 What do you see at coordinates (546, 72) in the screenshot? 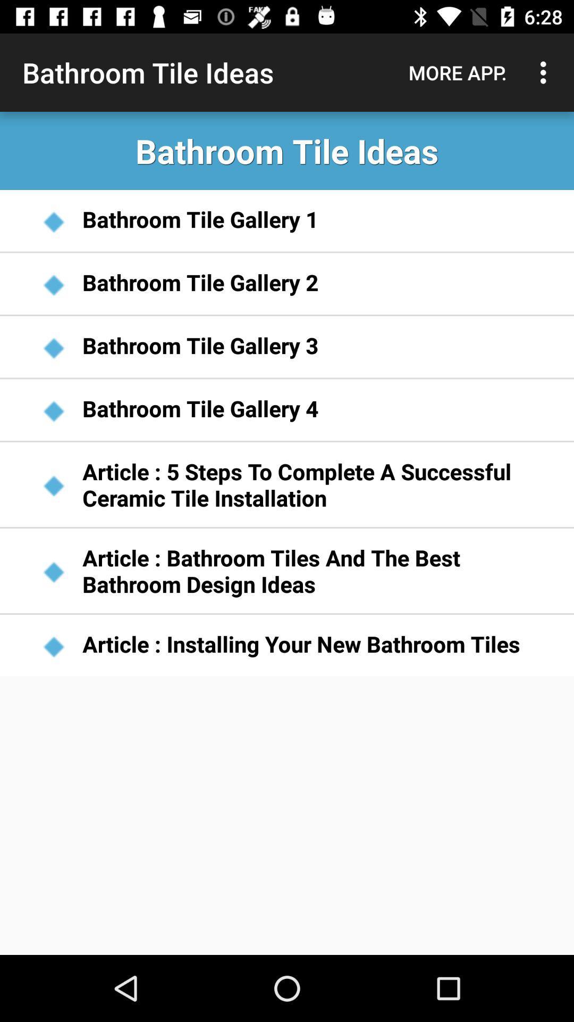
I see `icon next to more app.` at bounding box center [546, 72].